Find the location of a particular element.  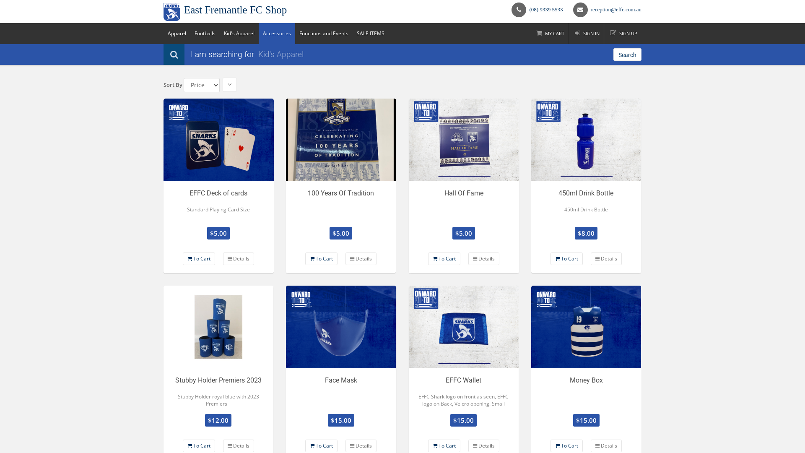

'SIGN UP' is located at coordinates (623, 33).